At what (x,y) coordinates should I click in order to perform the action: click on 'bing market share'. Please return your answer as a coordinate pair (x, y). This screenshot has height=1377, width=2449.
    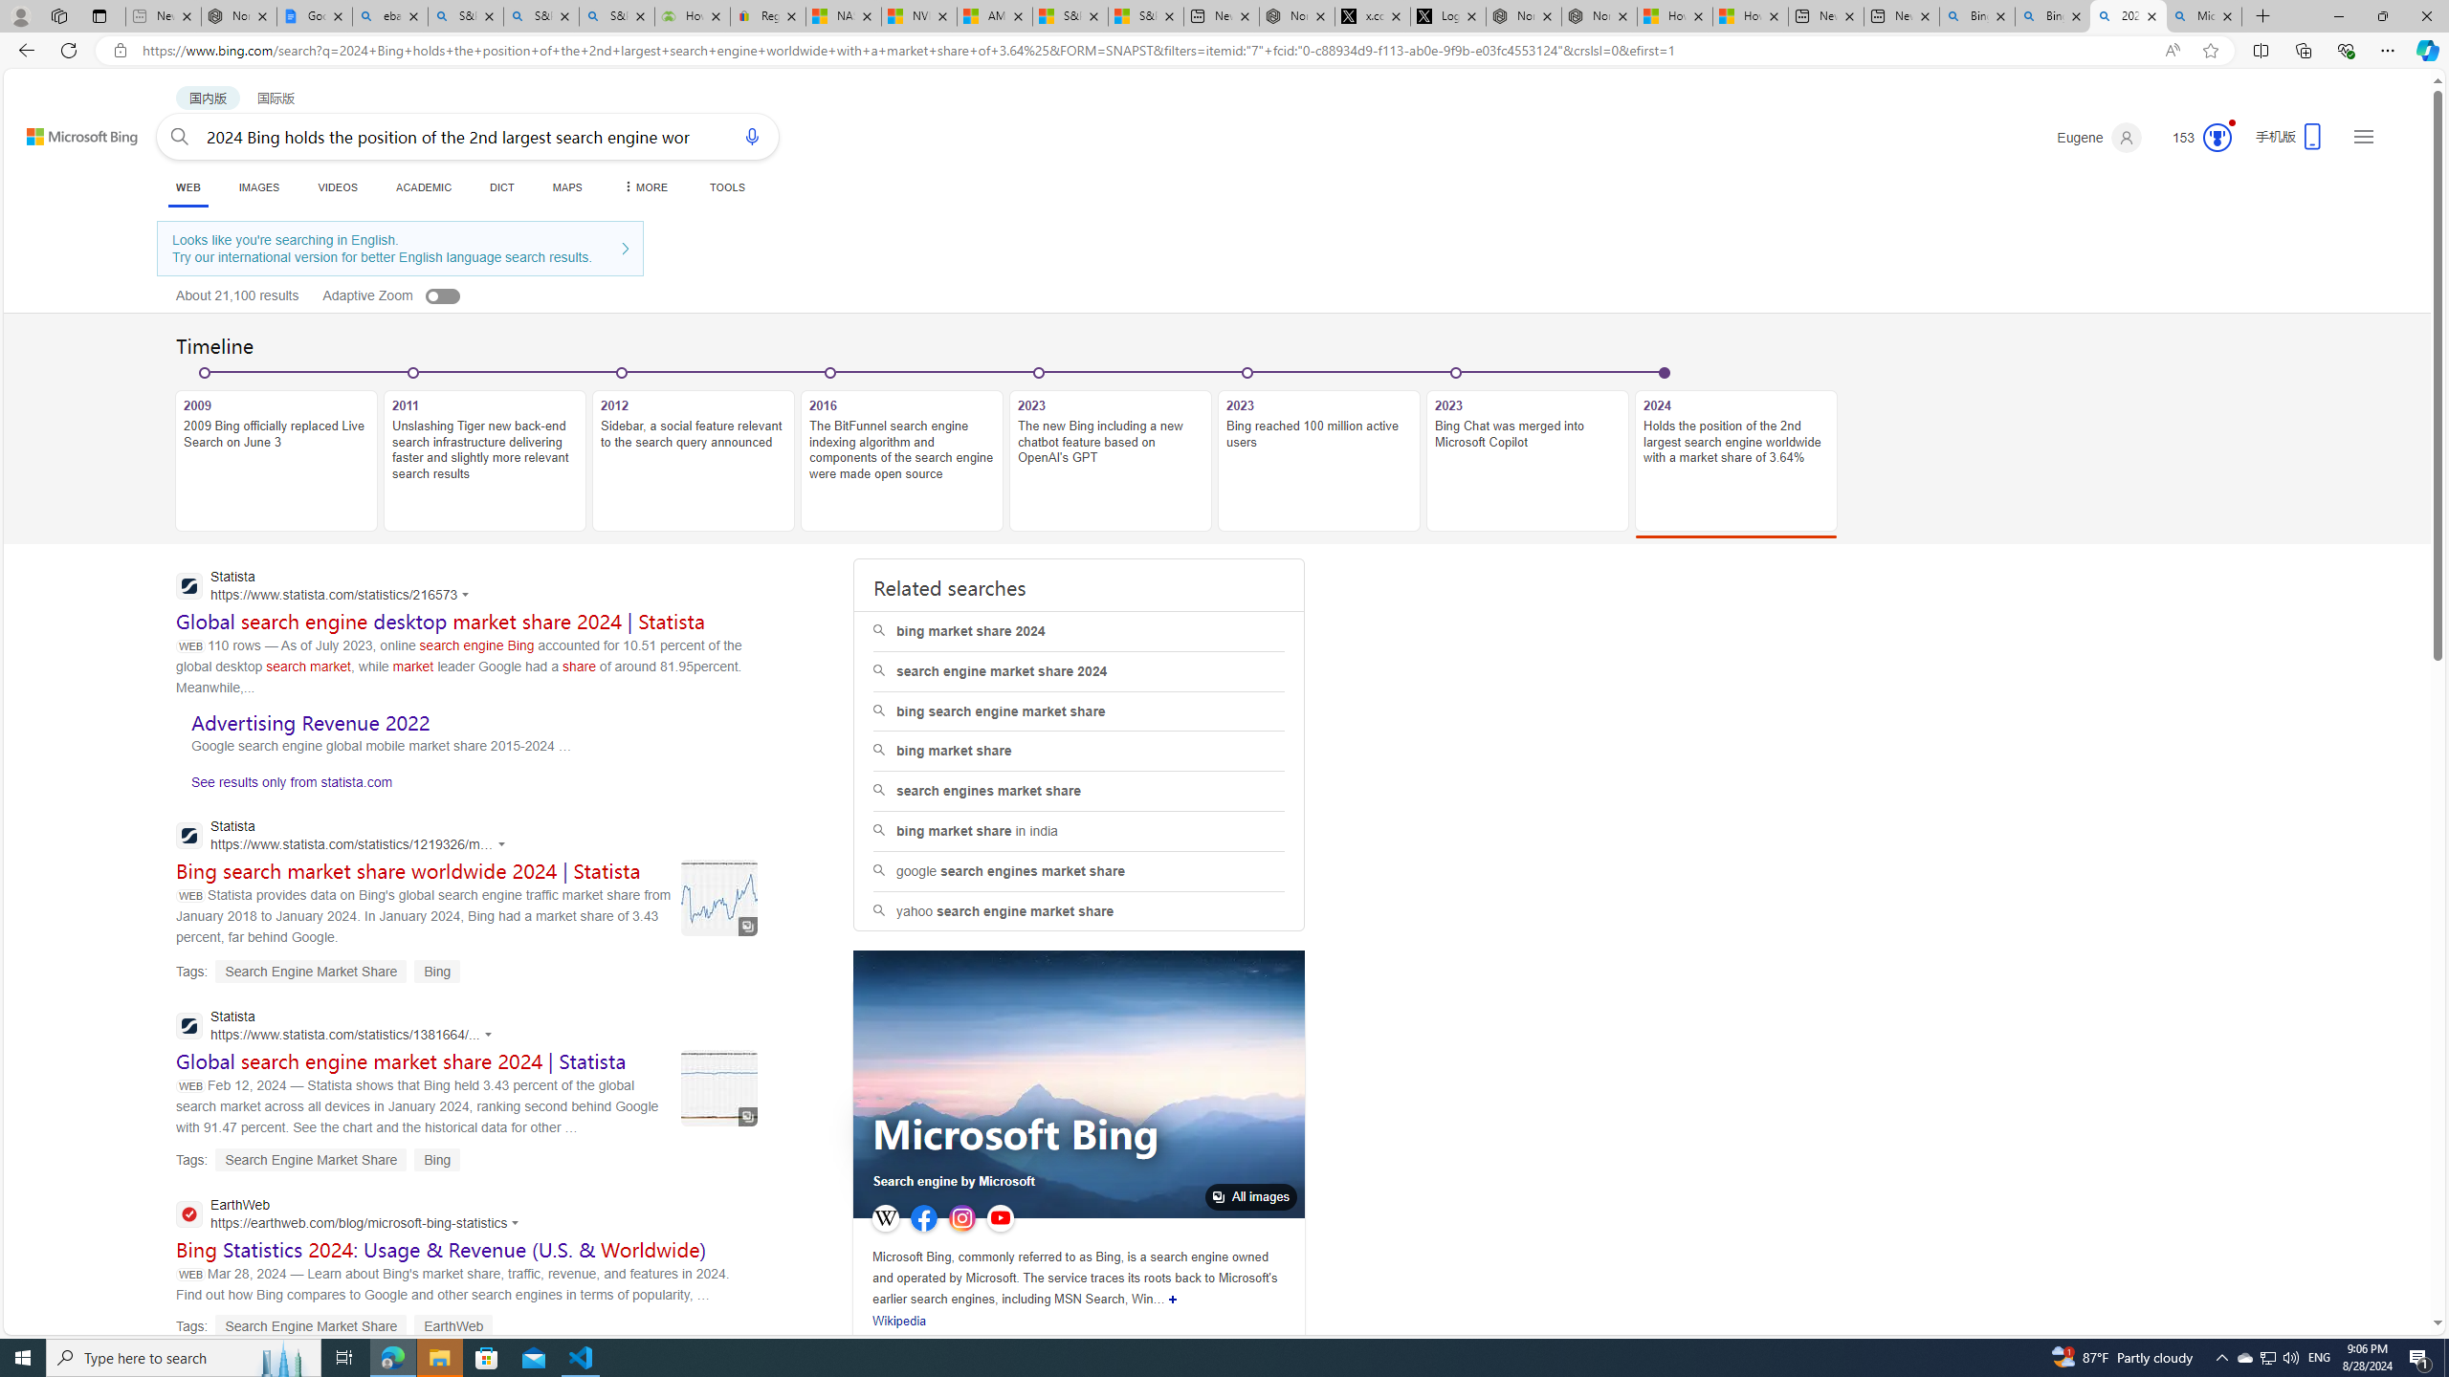
    Looking at the image, I should click on (1079, 751).